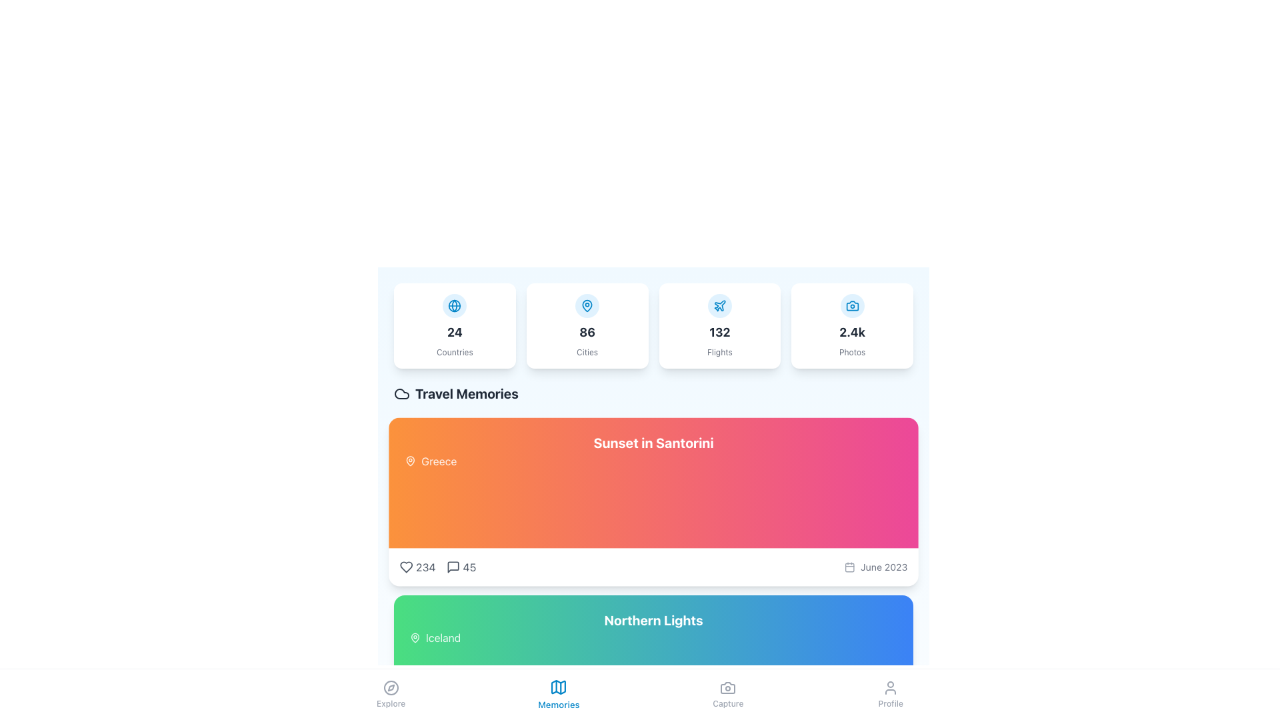 This screenshot has height=720, width=1280. What do you see at coordinates (587, 306) in the screenshot?
I see `the leftmost icon in the orange rectangular group labeled 'Greece' in the 'Travel Memories' section, which serves as a visual marker for geographic location information` at bounding box center [587, 306].